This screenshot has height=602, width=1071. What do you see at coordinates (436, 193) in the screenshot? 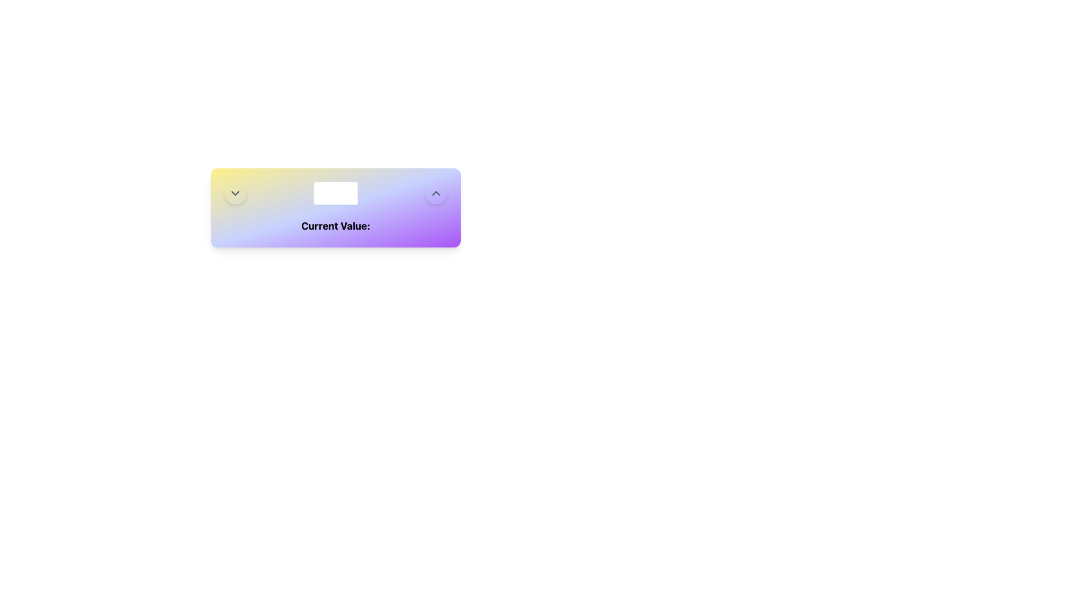
I see `the increment button located at the far right of the interface, adjacent to the central number input field, to increase the numerical value` at bounding box center [436, 193].